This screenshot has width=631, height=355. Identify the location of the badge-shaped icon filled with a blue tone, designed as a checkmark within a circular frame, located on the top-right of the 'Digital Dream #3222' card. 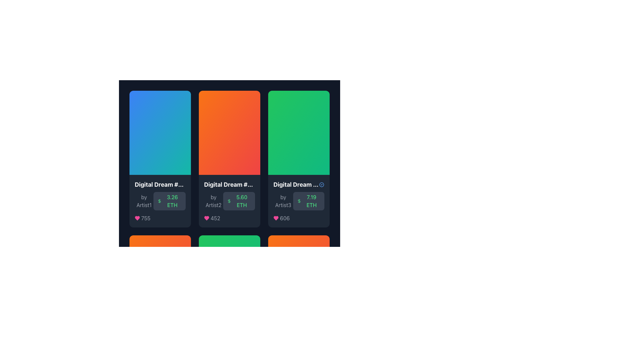
(322, 185).